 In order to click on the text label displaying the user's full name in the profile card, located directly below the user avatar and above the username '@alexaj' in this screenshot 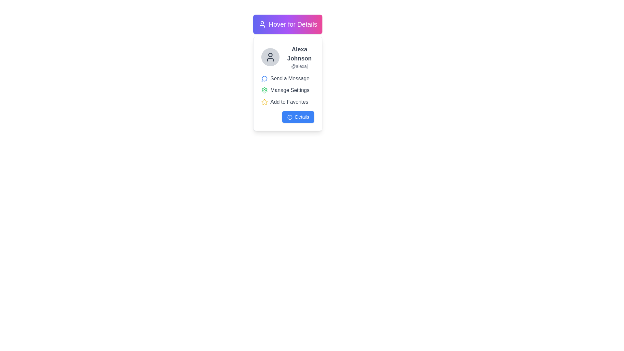, I will do `click(299, 53)`.